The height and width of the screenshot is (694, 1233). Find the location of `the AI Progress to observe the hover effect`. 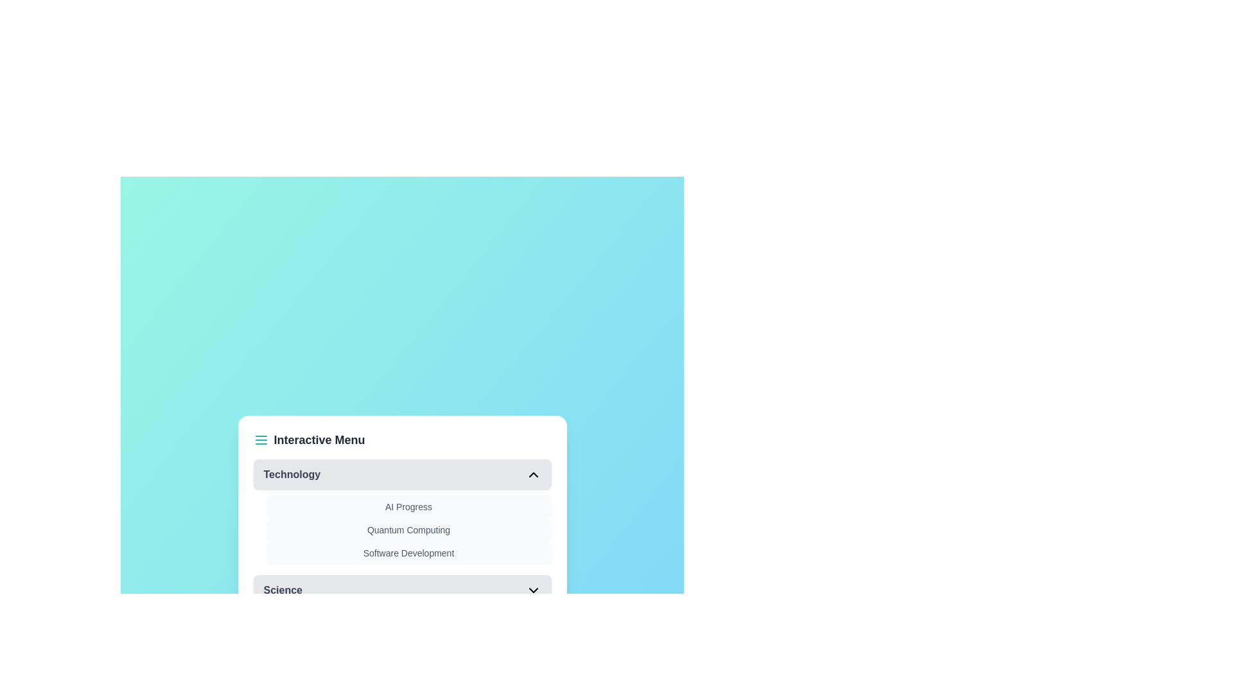

the AI Progress to observe the hover effect is located at coordinates (408, 506).